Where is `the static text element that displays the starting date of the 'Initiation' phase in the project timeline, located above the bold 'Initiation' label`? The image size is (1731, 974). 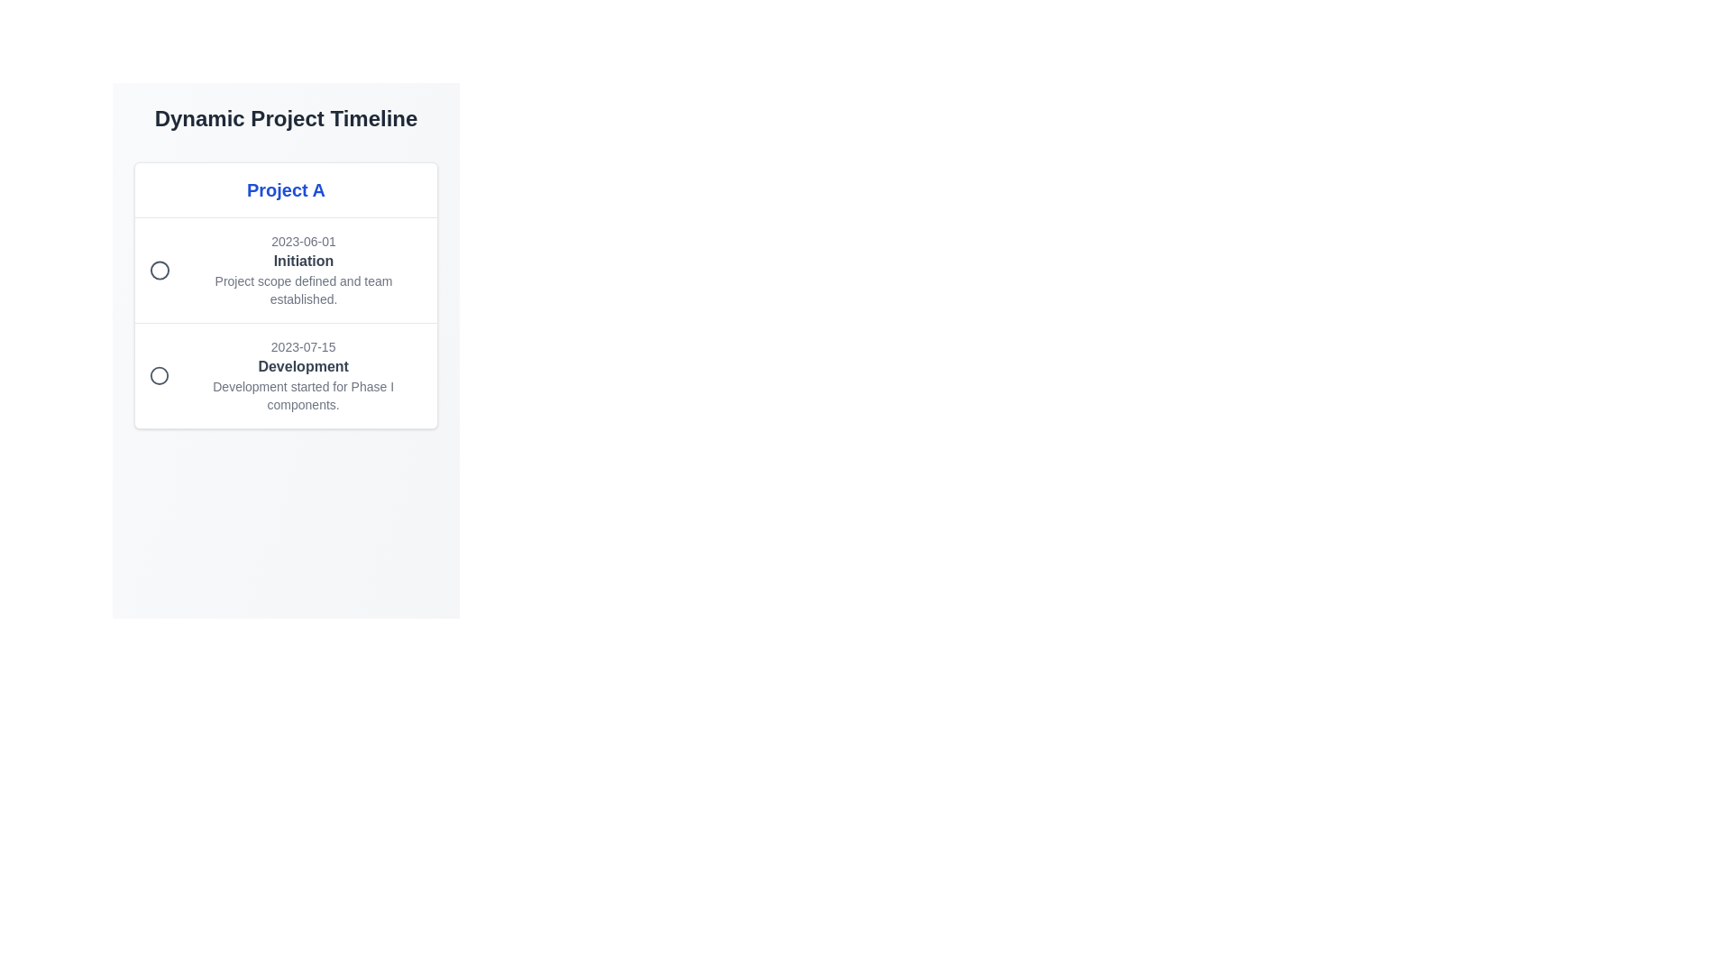 the static text element that displays the starting date of the 'Initiation' phase in the project timeline, located above the bold 'Initiation' label is located at coordinates (303, 240).